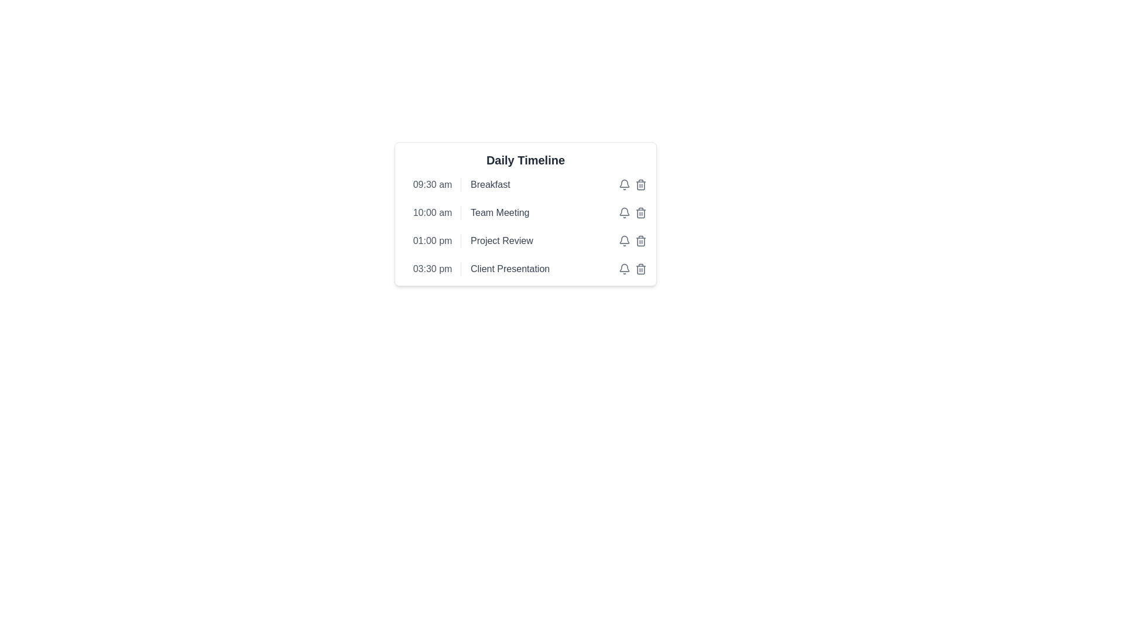 The width and height of the screenshot is (1124, 632). What do you see at coordinates (632, 184) in the screenshot?
I see `the bell icon in the Interactive button group for the Breakfast item, located in the right section of the Daily Timeline panel` at bounding box center [632, 184].